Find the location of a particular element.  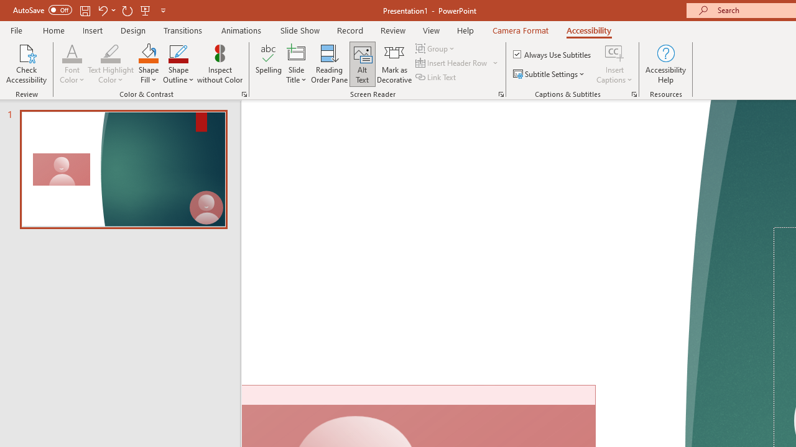

'Accessibility Help' is located at coordinates (665, 64).